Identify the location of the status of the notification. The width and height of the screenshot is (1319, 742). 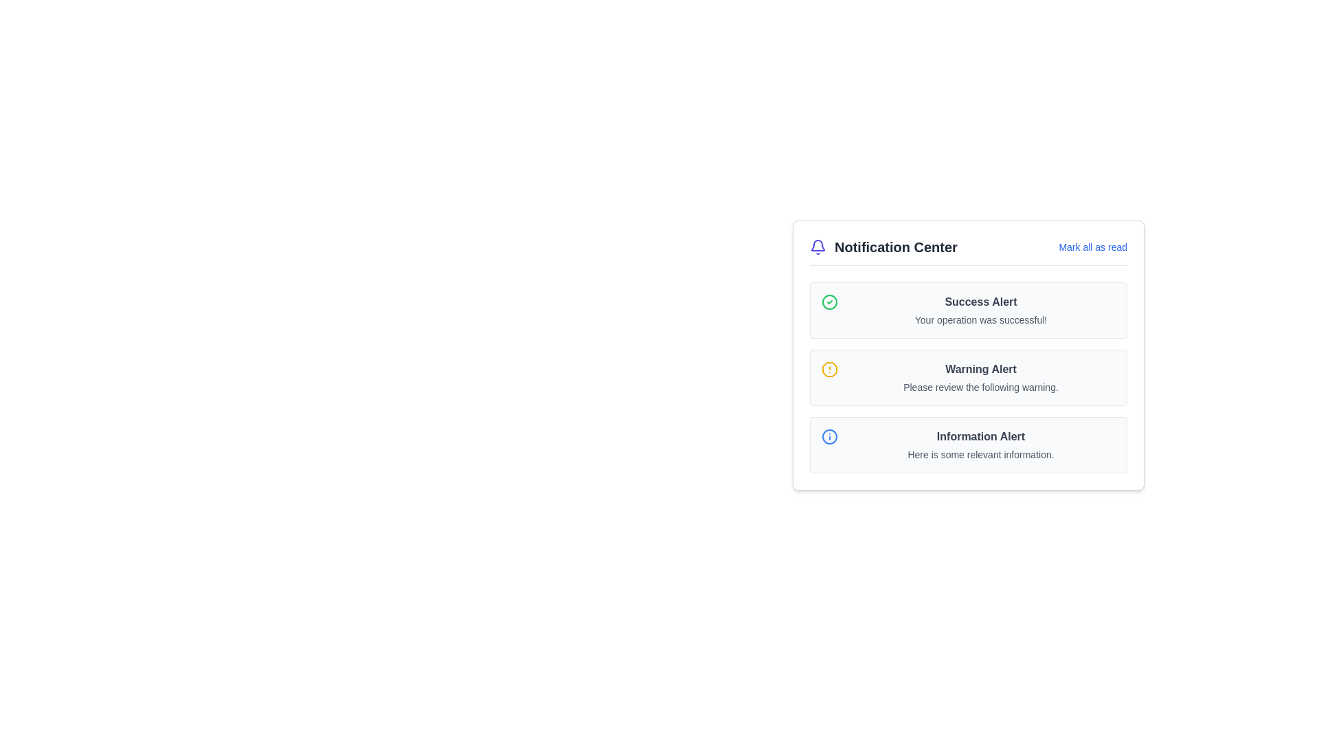
(968, 310).